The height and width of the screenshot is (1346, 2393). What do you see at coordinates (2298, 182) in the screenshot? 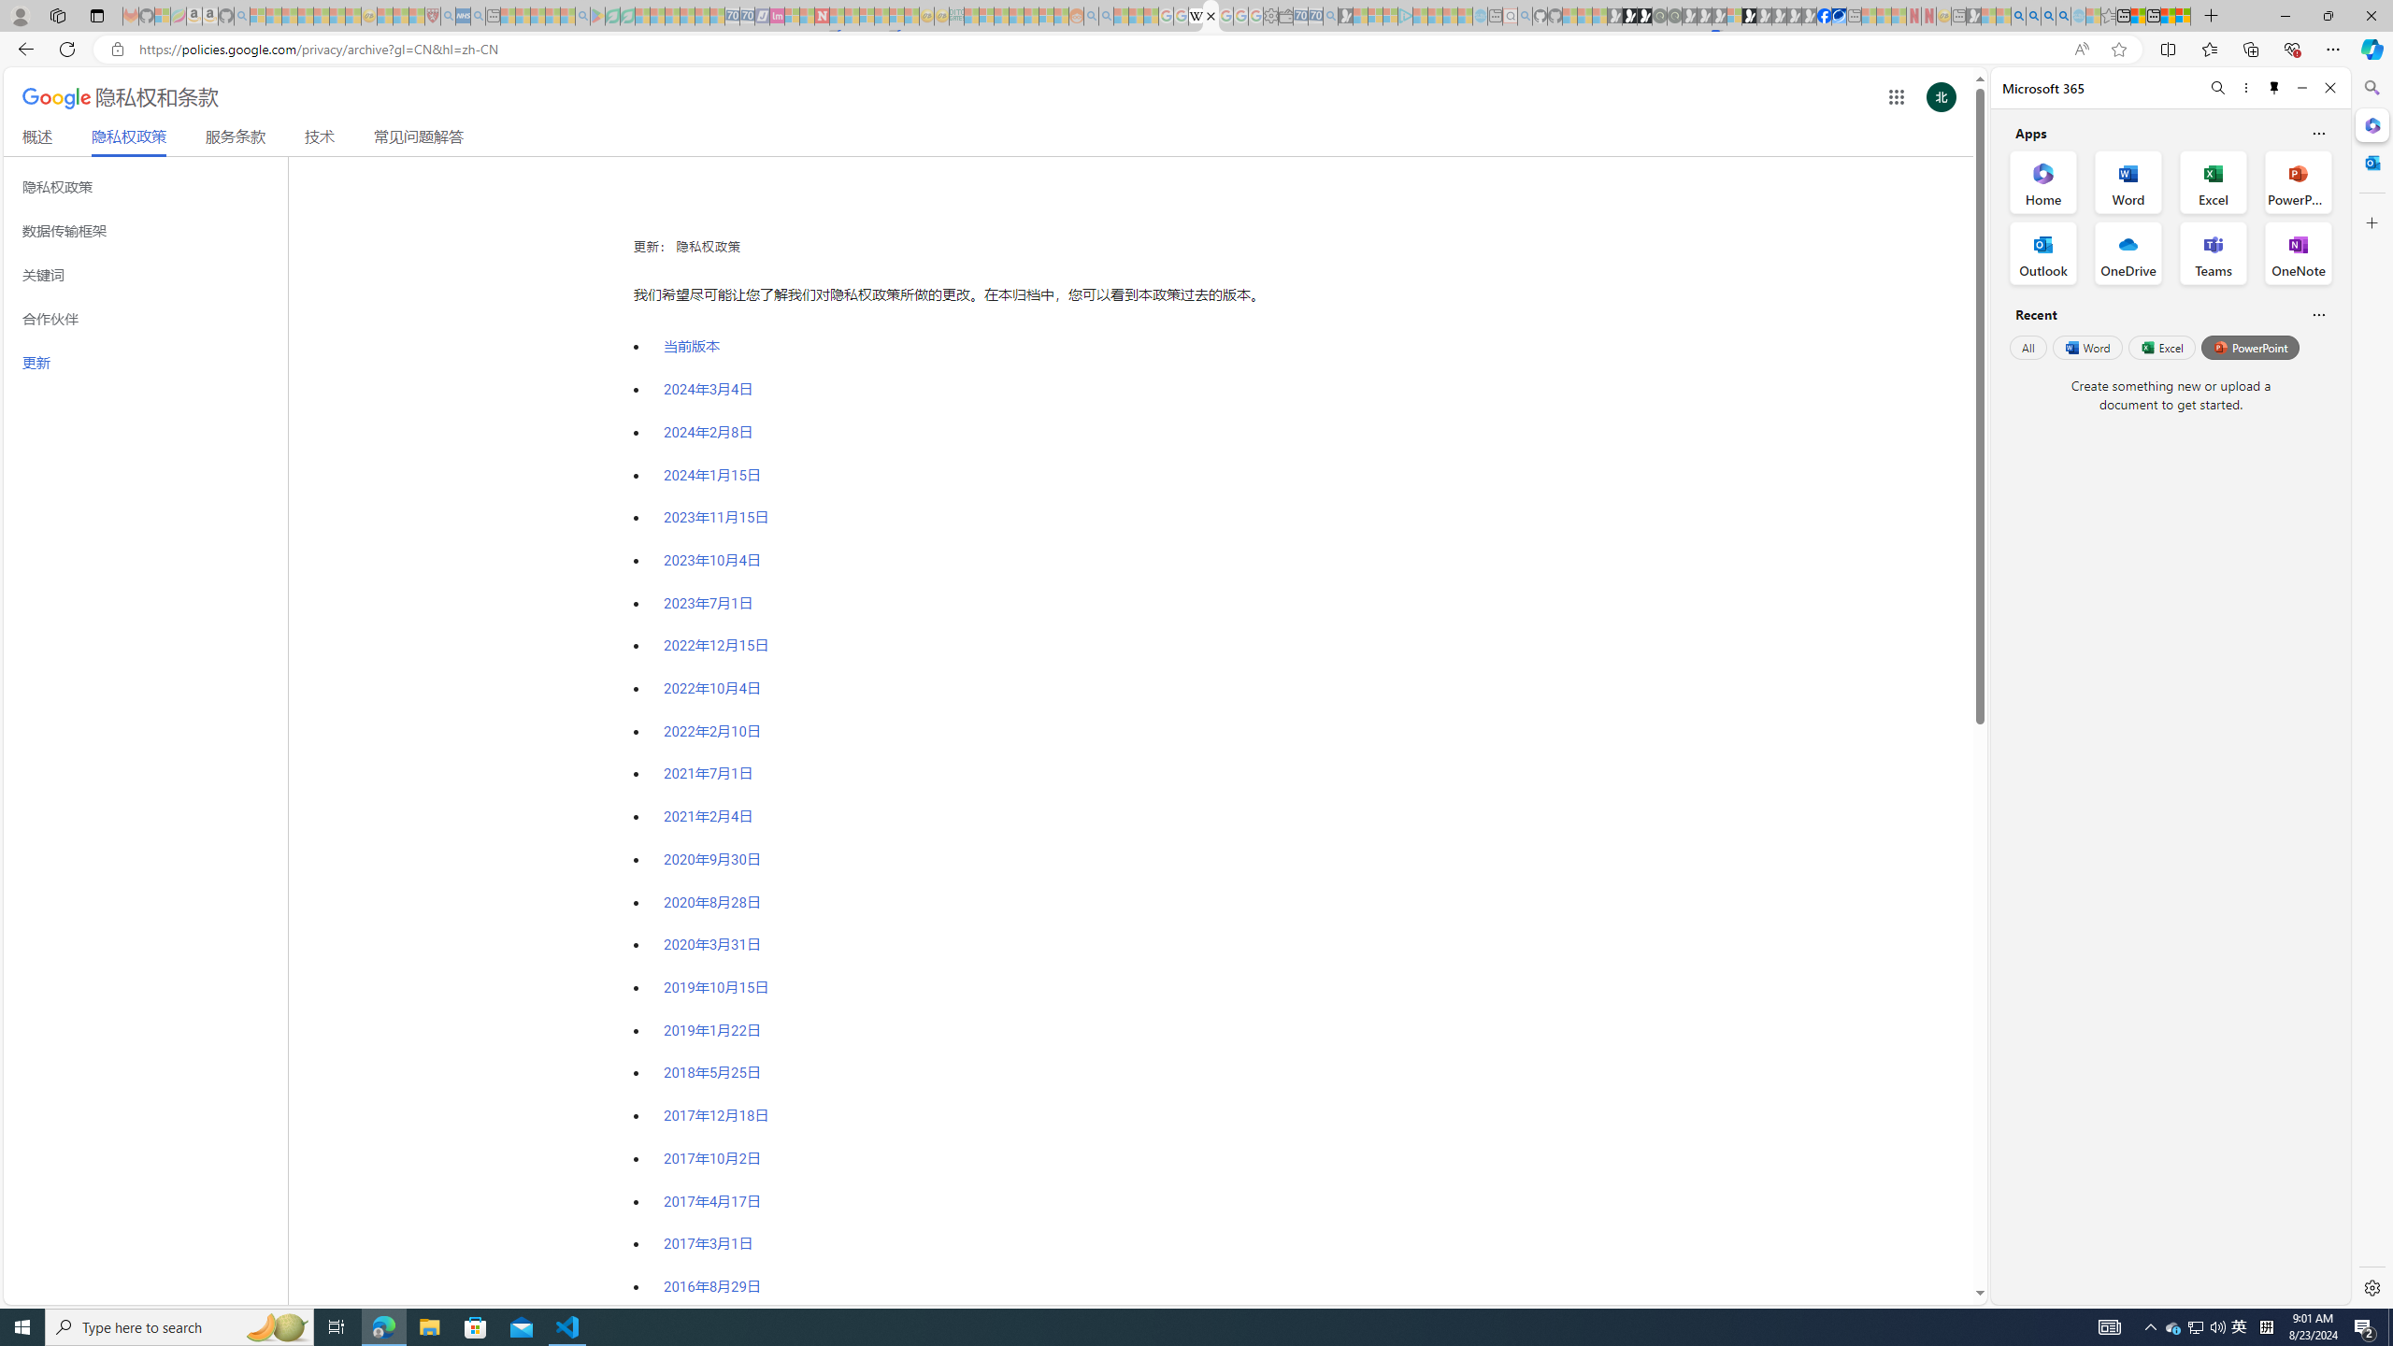
I see `'PowerPoint Office App'` at bounding box center [2298, 182].